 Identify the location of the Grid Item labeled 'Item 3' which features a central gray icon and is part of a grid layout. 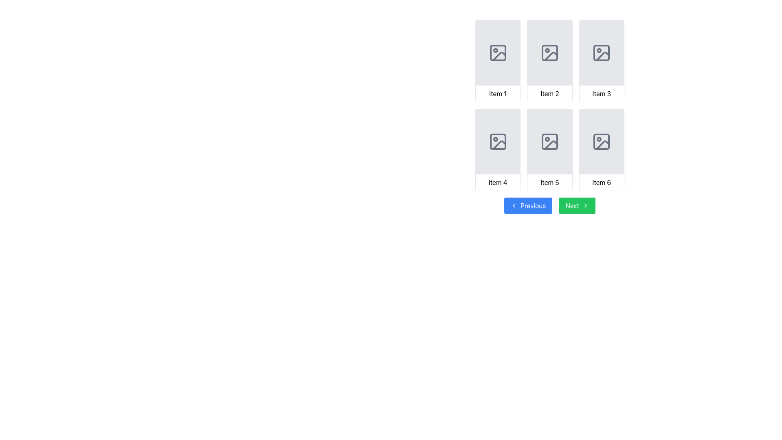
(602, 61).